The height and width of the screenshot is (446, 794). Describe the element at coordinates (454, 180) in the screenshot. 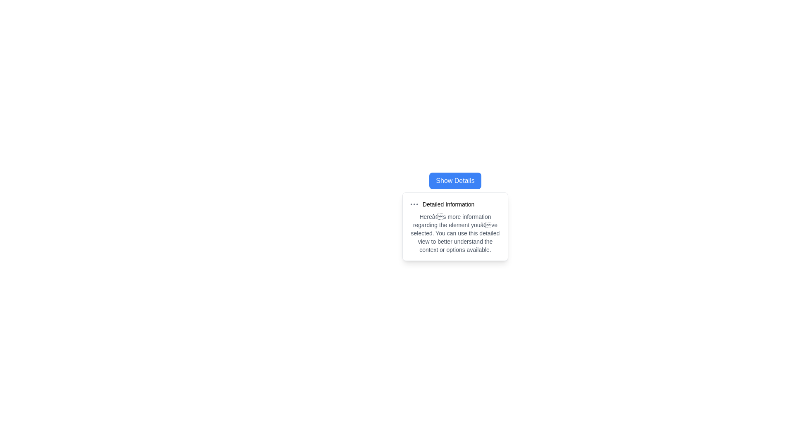

I see `the 'Show Details' button` at that location.